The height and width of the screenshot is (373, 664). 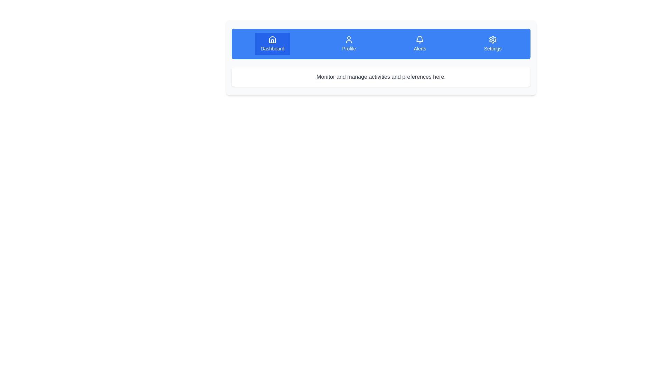 What do you see at coordinates (492, 40) in the screenshot?
I see `the gear/settings icon located within the 'Settings' button at the far right of the navigation bar to trigger a tooltip or highlight effect` at bounding box center [492, 40].